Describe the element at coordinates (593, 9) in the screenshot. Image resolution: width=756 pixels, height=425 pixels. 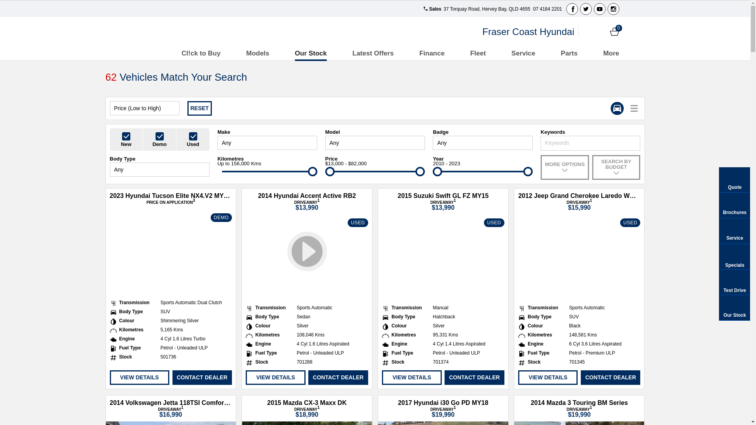
I see `'YouTube'` at that location.